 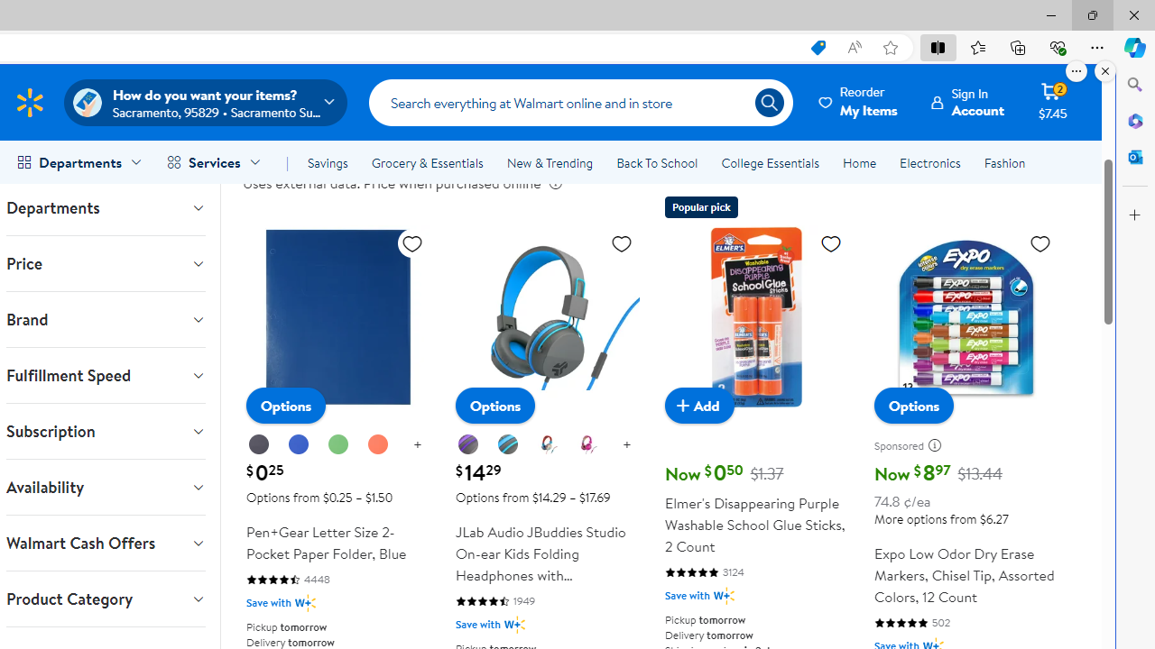 What do you see at coordinates (656, 163) in the screenshot?
I see `'Back To School'` at bounding box center [656, 163].